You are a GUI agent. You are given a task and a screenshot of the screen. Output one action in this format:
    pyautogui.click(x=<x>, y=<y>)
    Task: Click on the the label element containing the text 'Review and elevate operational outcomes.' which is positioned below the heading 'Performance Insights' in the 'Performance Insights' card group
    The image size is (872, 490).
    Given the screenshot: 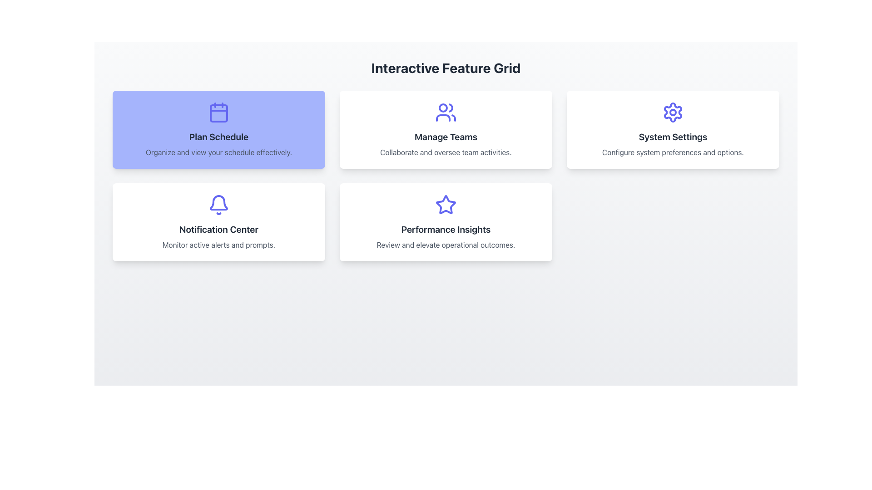 What is the action you would take?
    pyautogui.click(x=446, y=245)
    